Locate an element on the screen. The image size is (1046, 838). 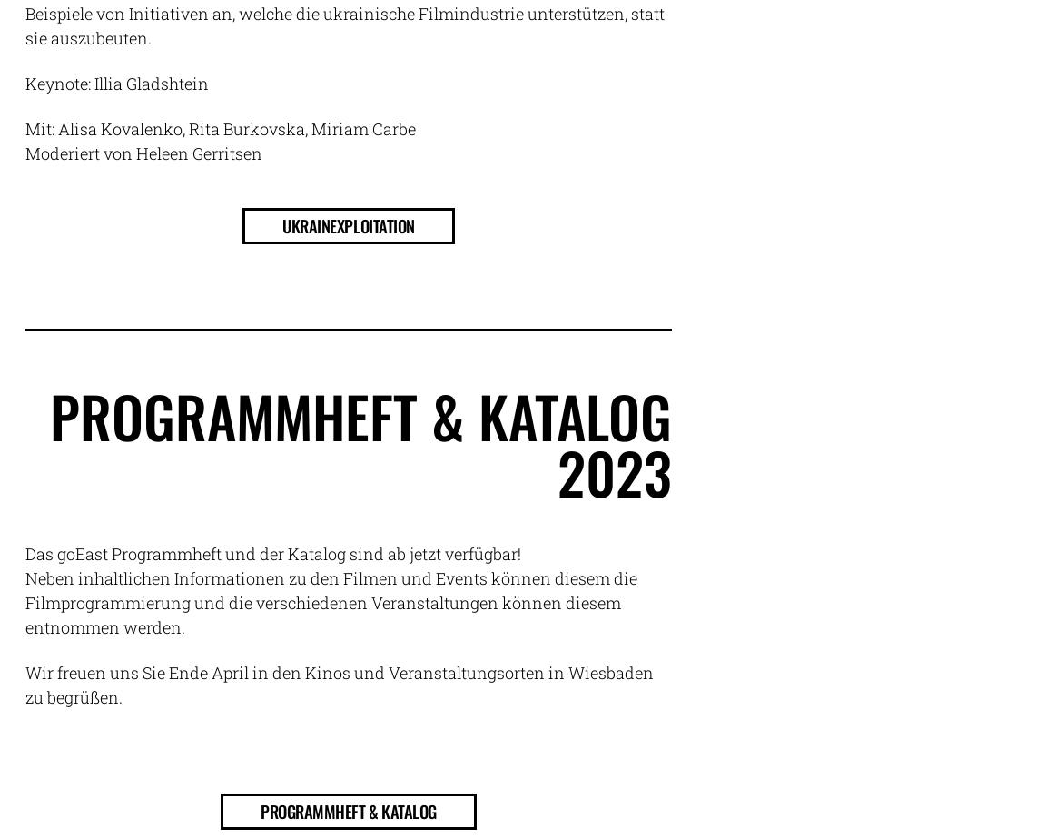
'PROGRAMMHEFT & KATALOG' is located at coordinates (48, 414).